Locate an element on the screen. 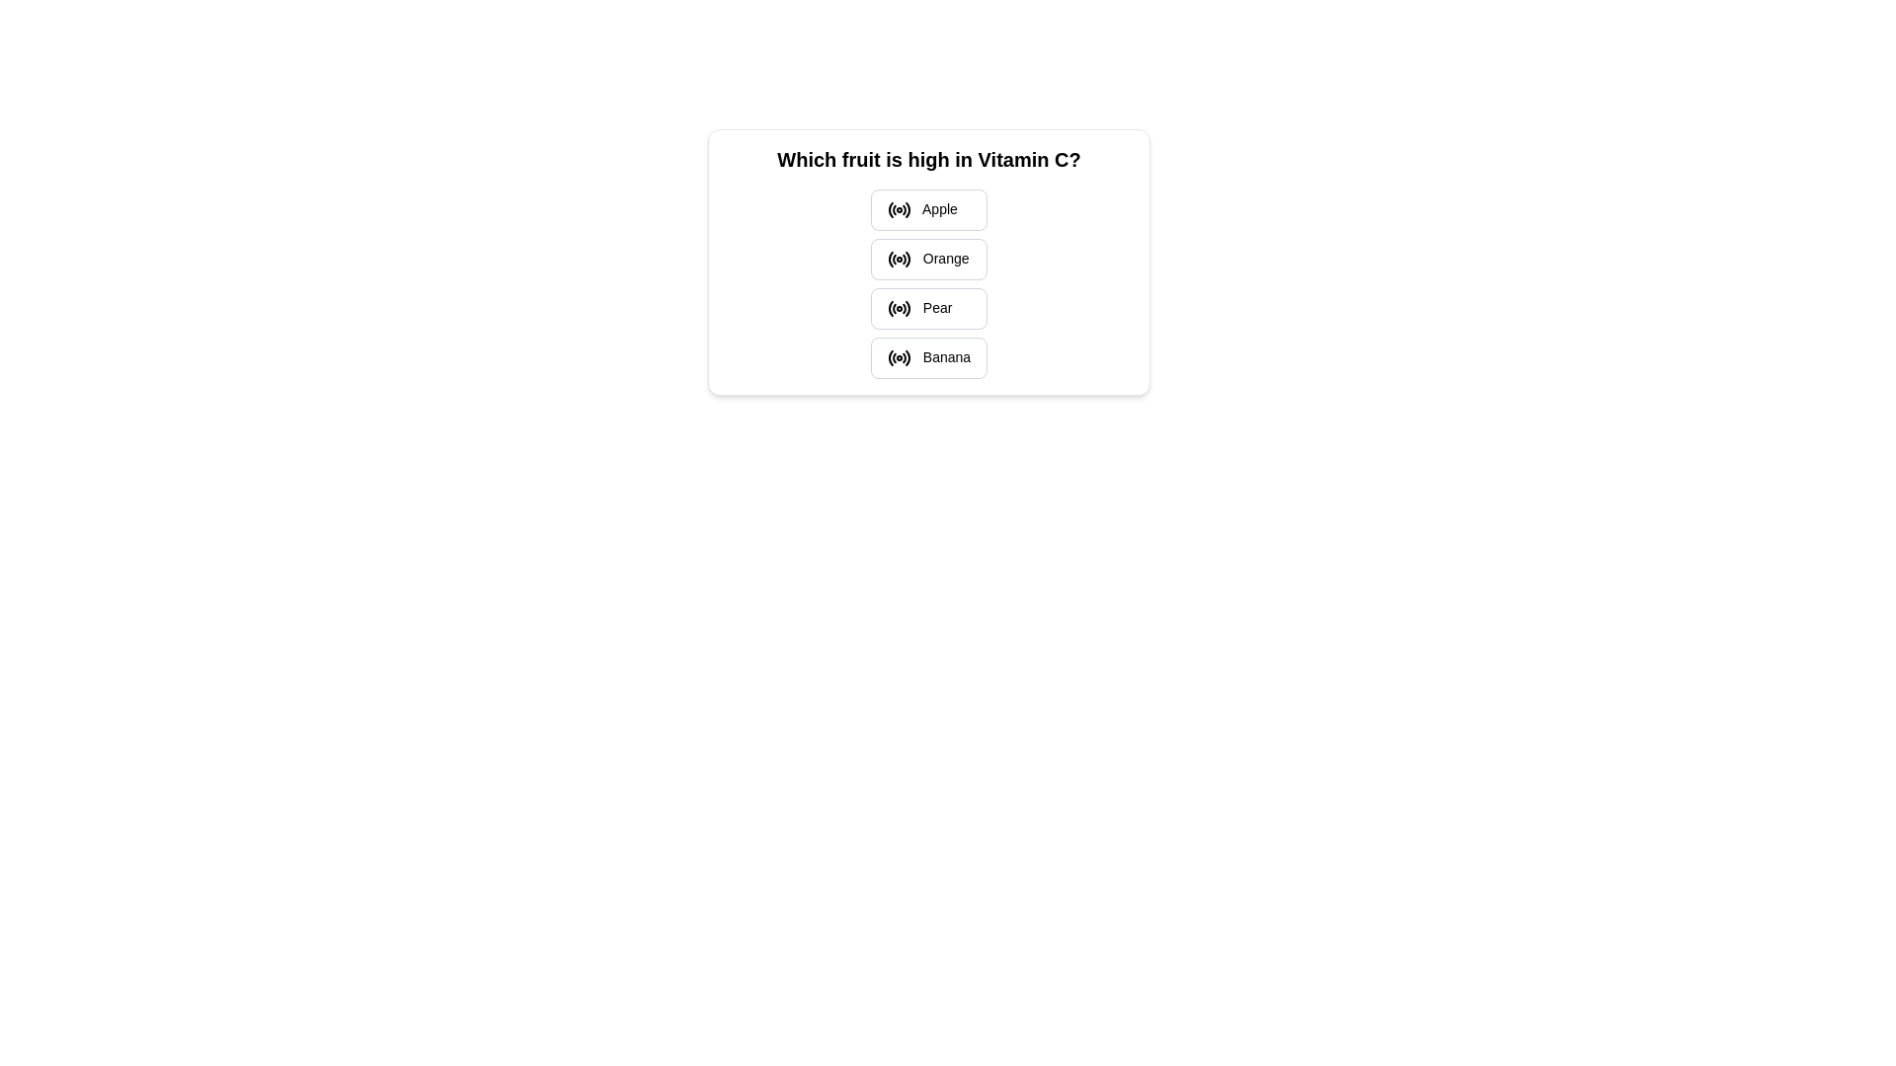  the radio button labeled 'Apple' to emphasize selection as it is the first element in a vertically-aligned list of choices is located at coordinates (927, 209).